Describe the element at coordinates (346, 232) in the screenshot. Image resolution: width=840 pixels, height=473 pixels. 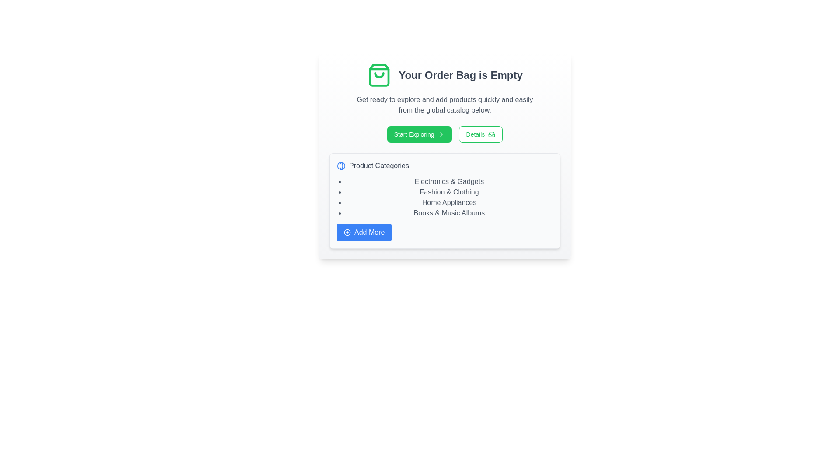
I see `the 'Add More' button which contains a circular icon with a plus sign inside, styled with thin lines and white color, located at the bottom of the 'Product Categories' section` at that location.